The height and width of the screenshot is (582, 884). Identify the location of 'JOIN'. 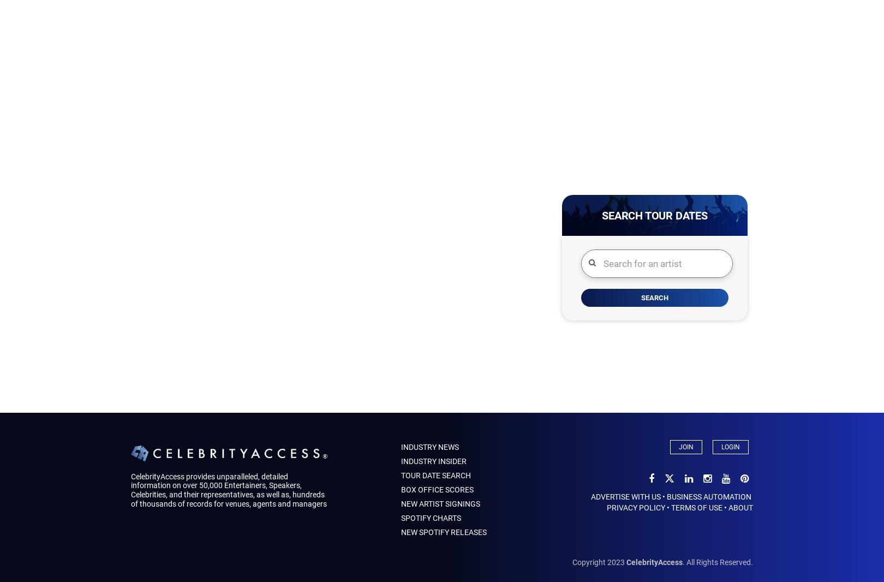
(686, 447).